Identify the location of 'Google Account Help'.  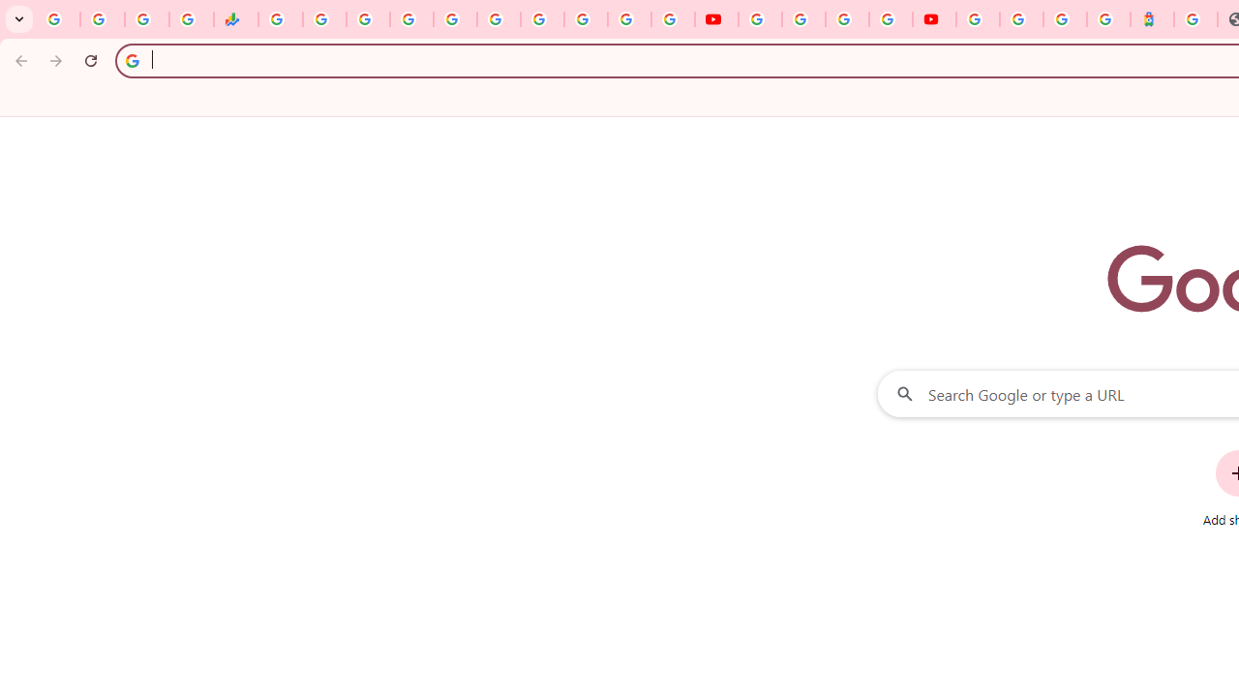
(803, 19).